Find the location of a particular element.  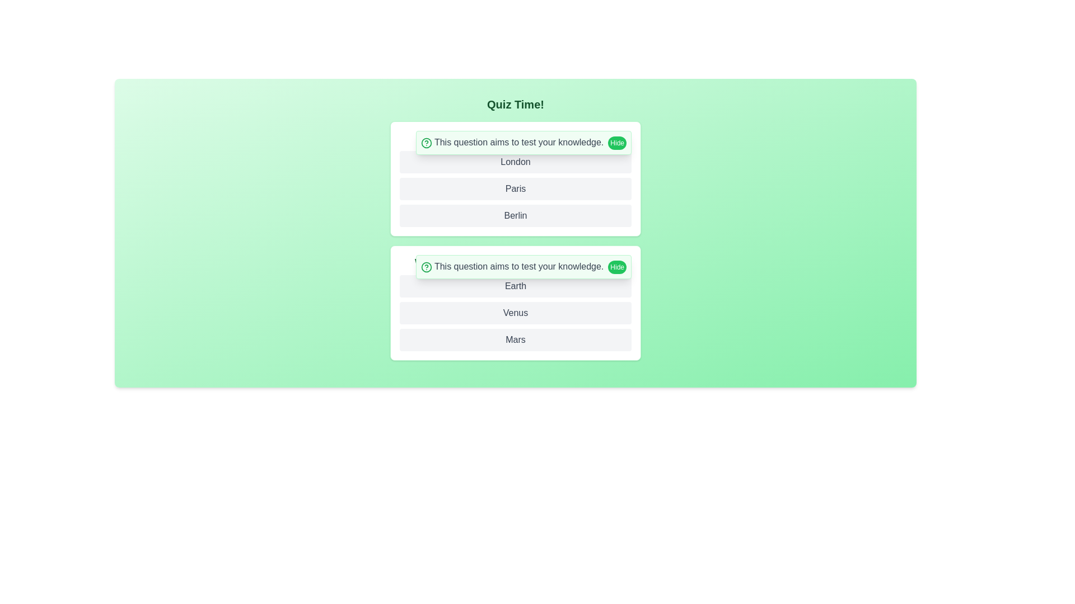

the second button-like option selector in the vertical list is located at coordinates (515, 188).